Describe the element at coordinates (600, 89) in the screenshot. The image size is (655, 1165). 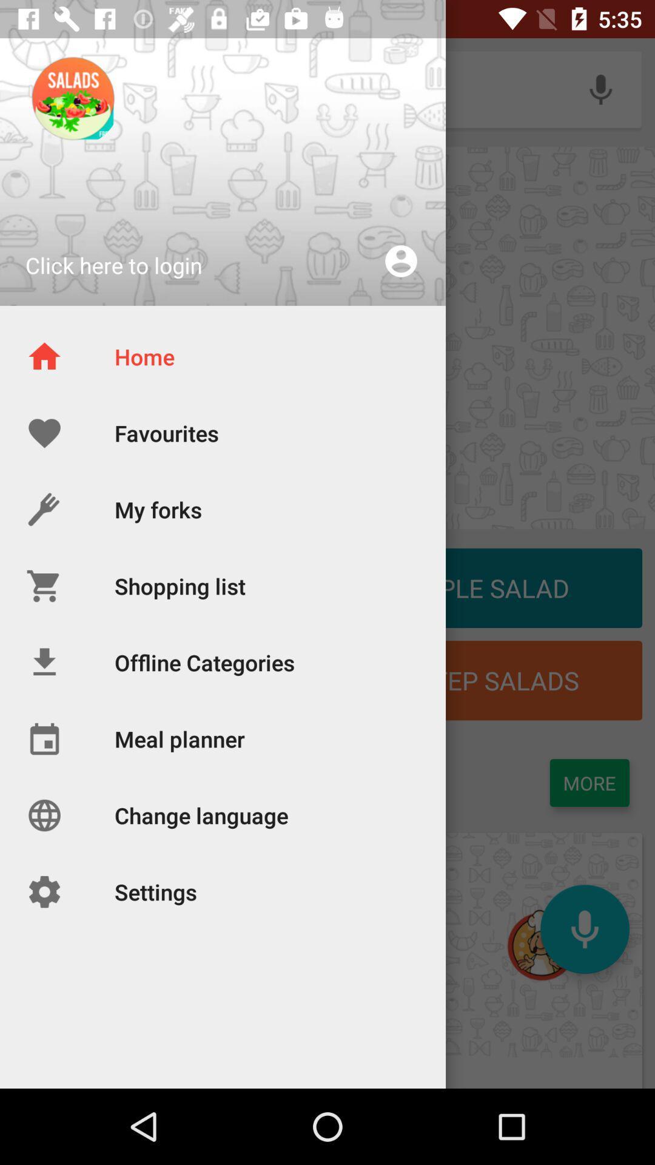
I see `the microphone icon` at that location.